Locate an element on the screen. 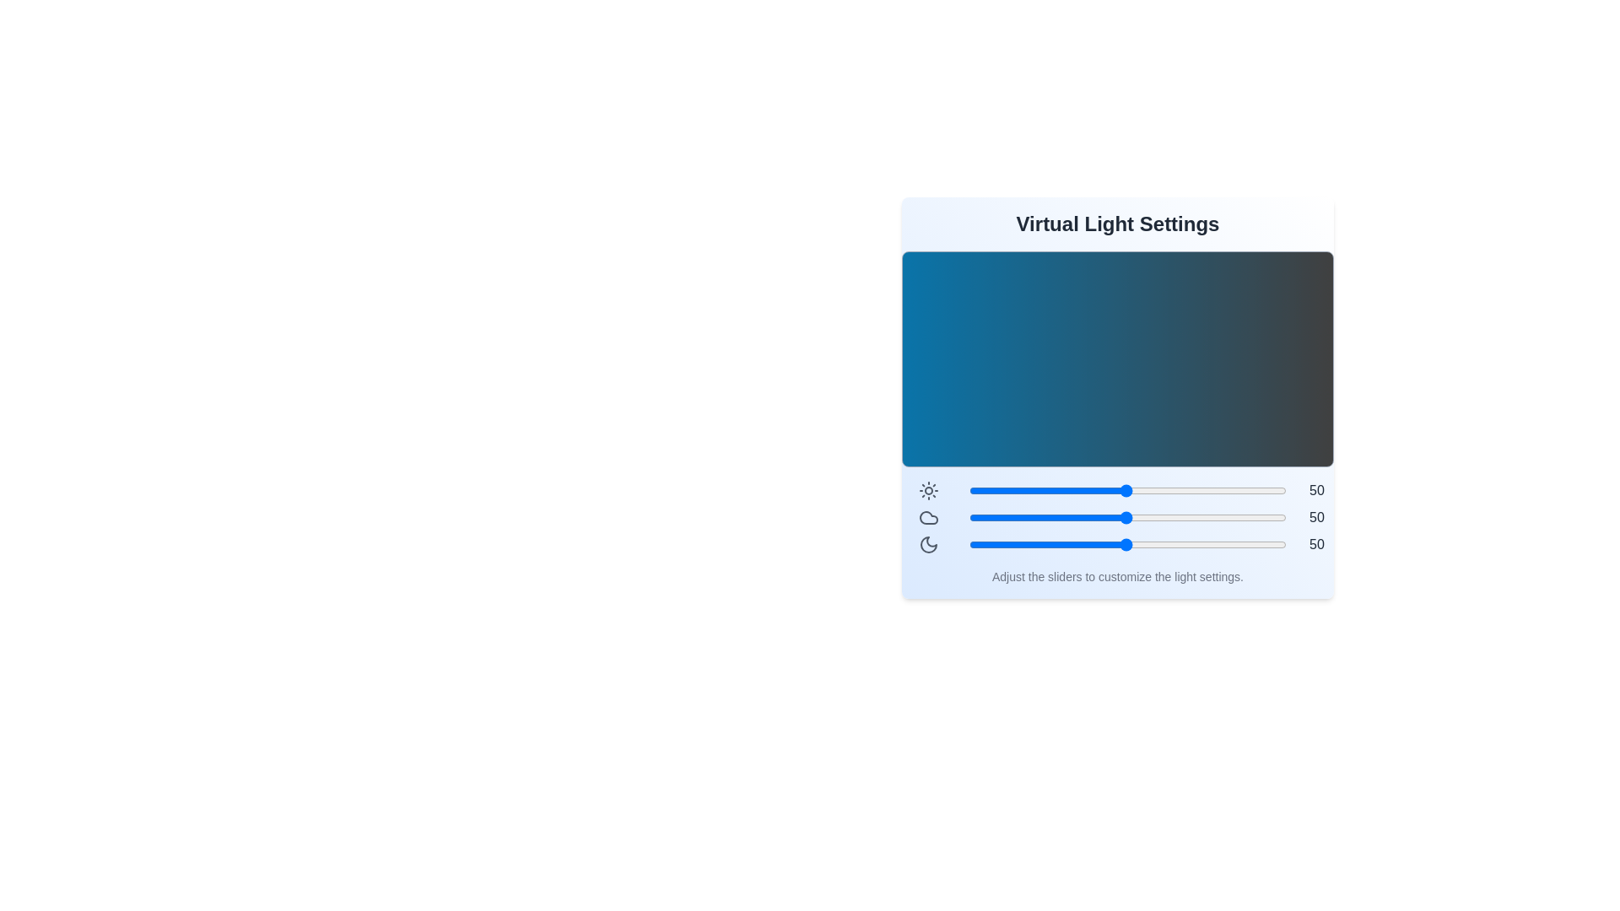  the brightness slider to 74 level is located at coordinates (1202, 491).